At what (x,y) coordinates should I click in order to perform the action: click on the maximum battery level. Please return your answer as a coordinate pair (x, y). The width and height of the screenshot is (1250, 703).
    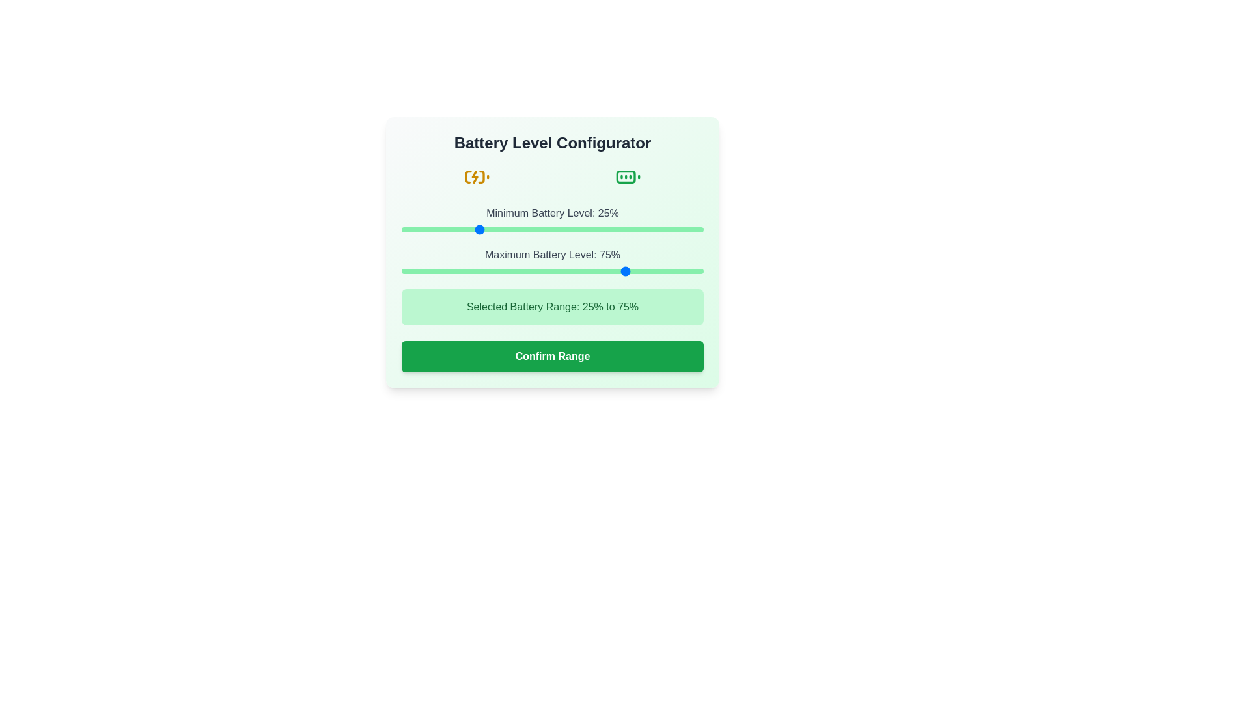
    Looking at the image, I should click on (687, 270).